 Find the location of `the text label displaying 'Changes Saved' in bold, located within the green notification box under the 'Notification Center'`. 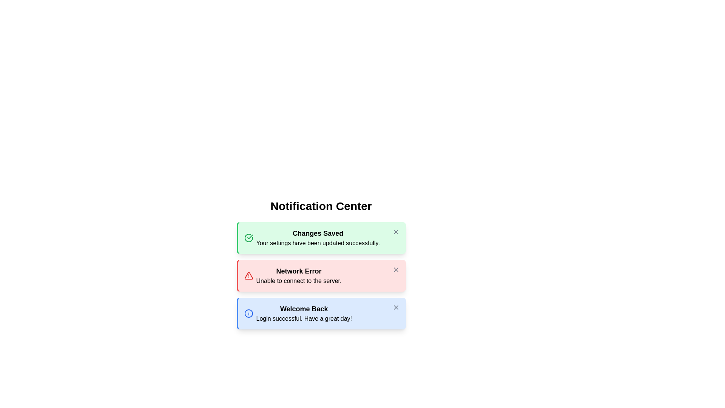

the text label displaying 'Changes Saved' in bold, located within the green notification box under the 'Notification Center' is located at coordinates (318, 233).